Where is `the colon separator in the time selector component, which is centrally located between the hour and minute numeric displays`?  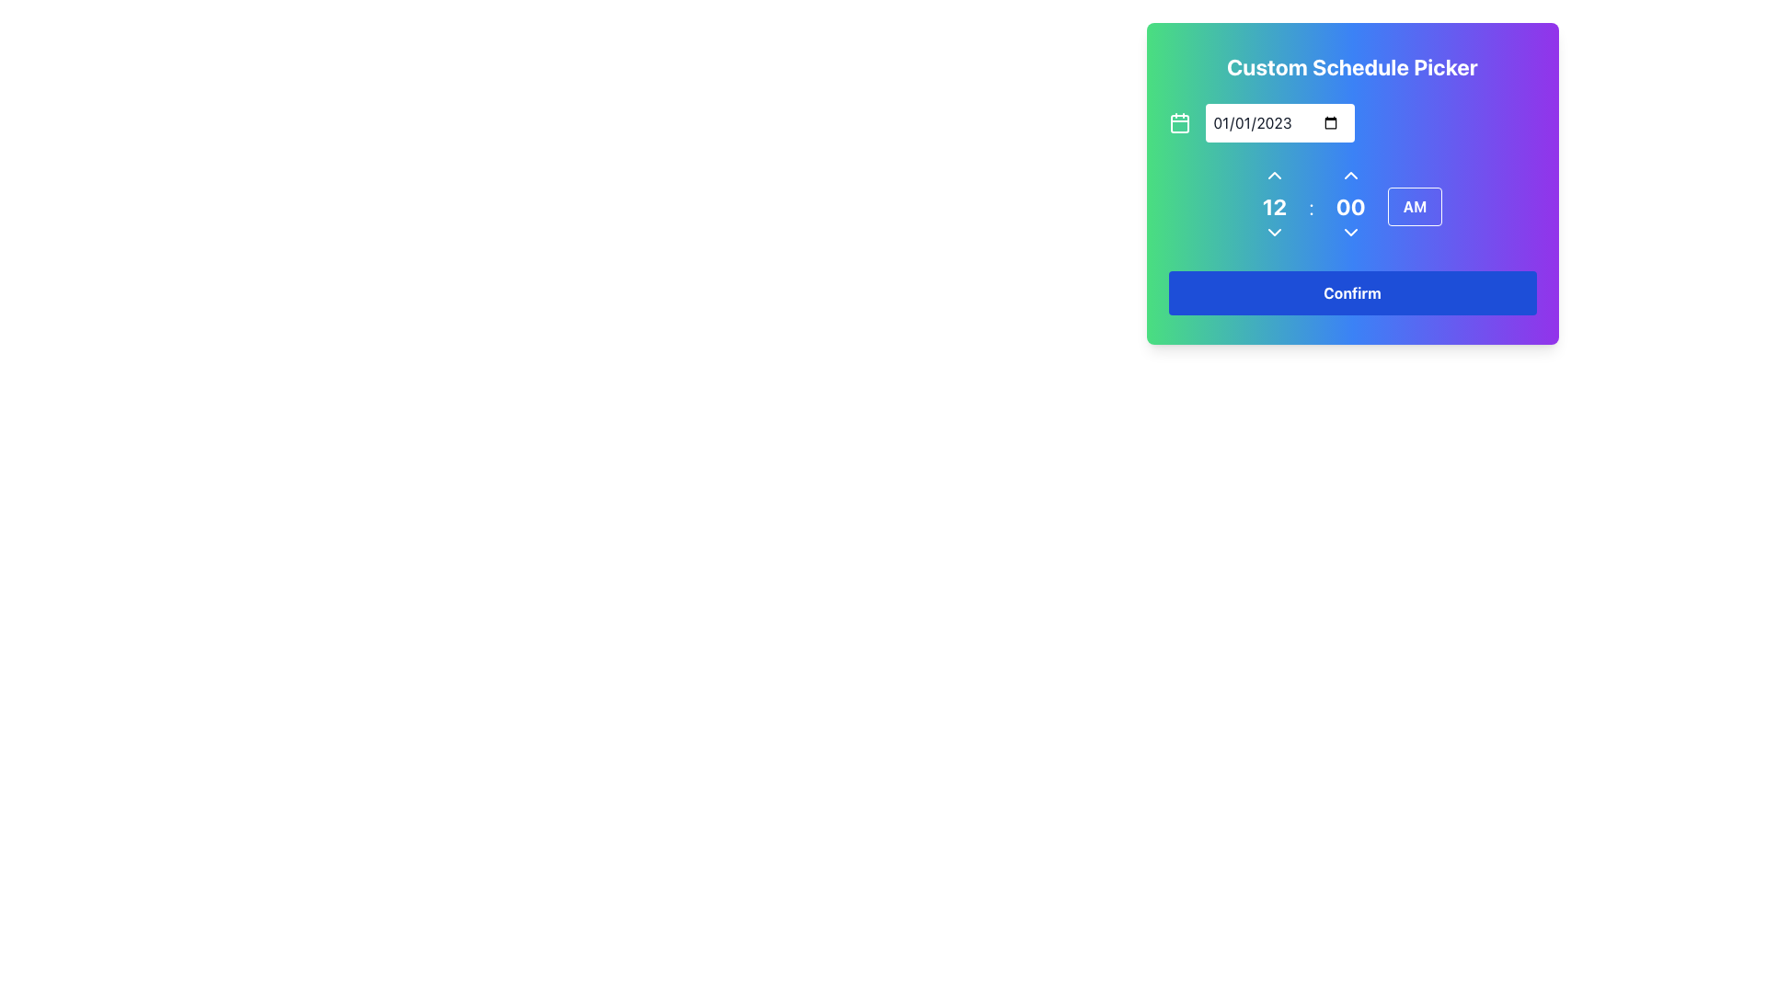
the colon separator in the time selector component, which is centrally located between the hour and minute numeric displays is located at coordinates (1310, 206).